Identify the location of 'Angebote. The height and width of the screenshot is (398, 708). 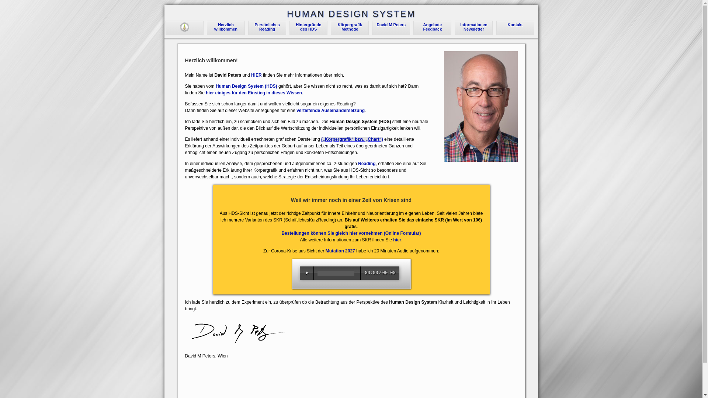
(433, 27).